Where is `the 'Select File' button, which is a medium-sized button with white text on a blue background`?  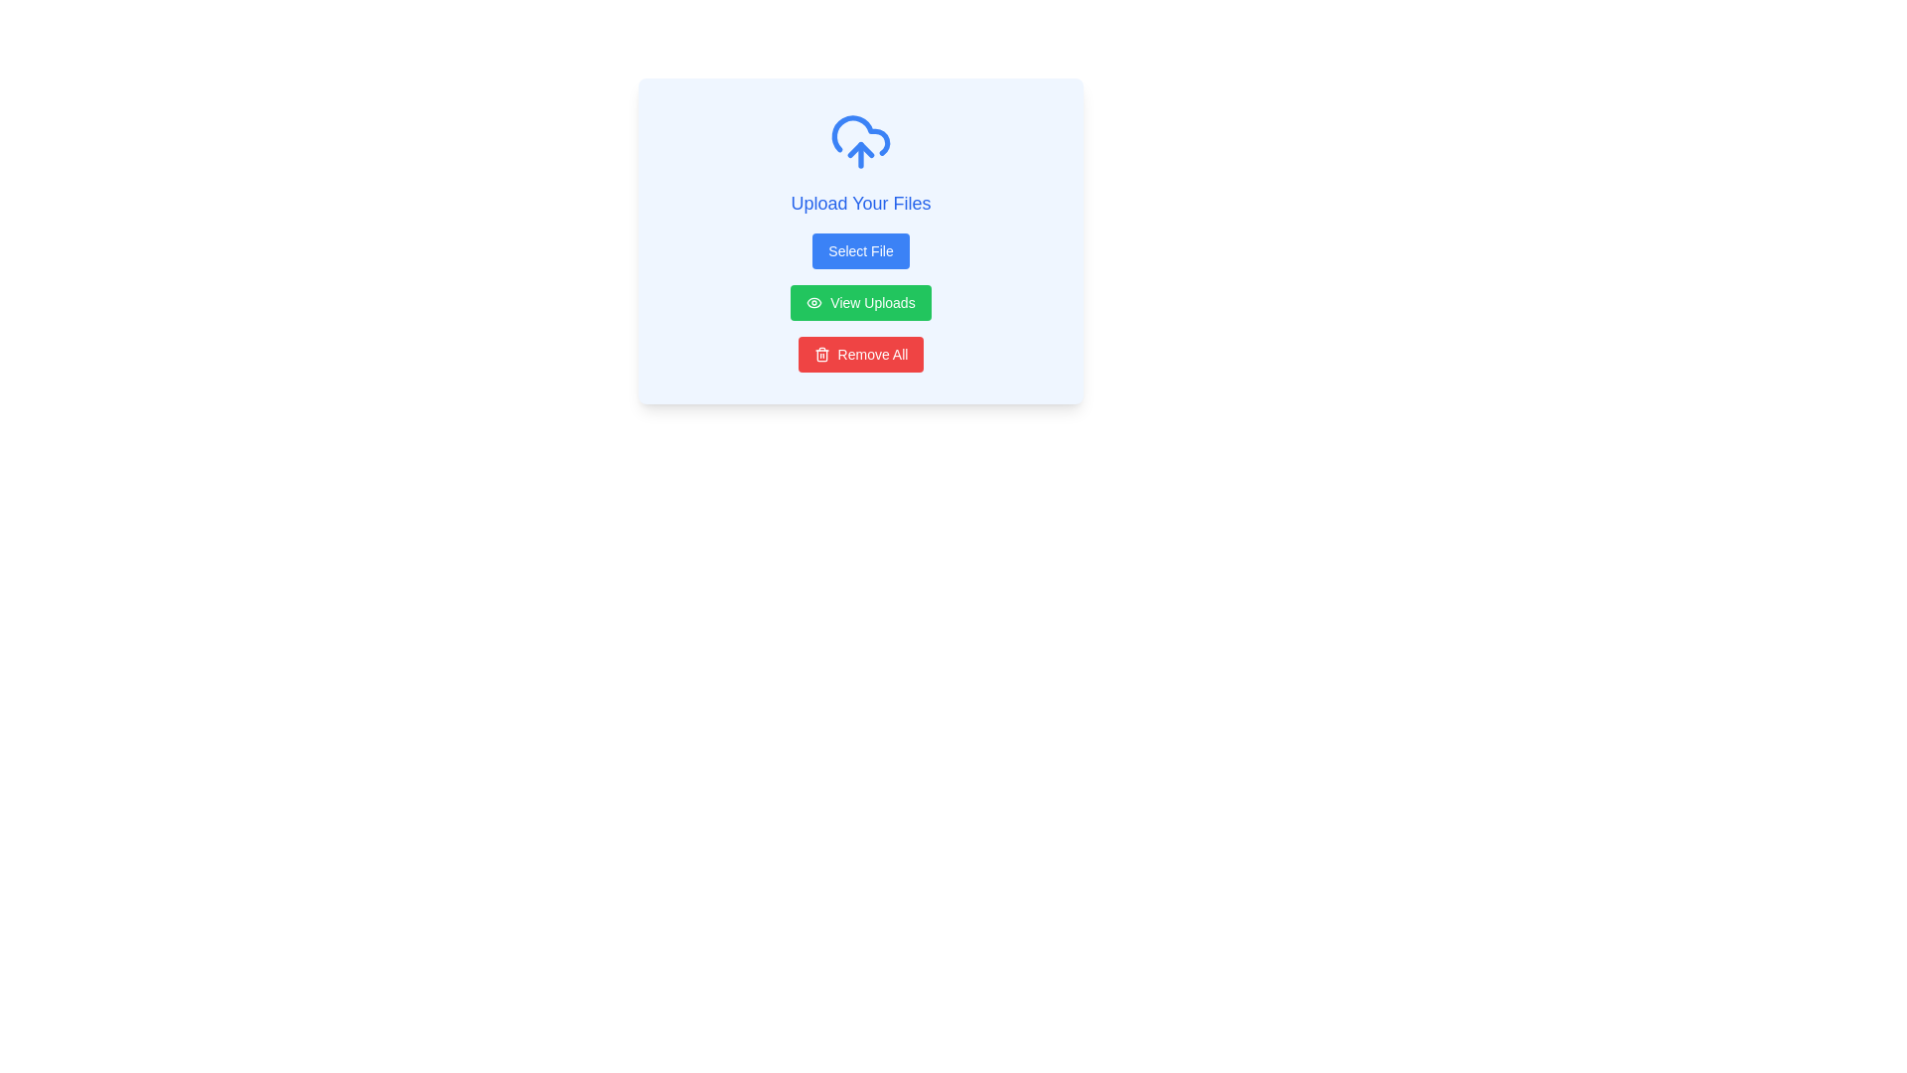 the 'Select File' button, which is a medium-sized button with white text on a blue background is located at coordinates (861, 250).